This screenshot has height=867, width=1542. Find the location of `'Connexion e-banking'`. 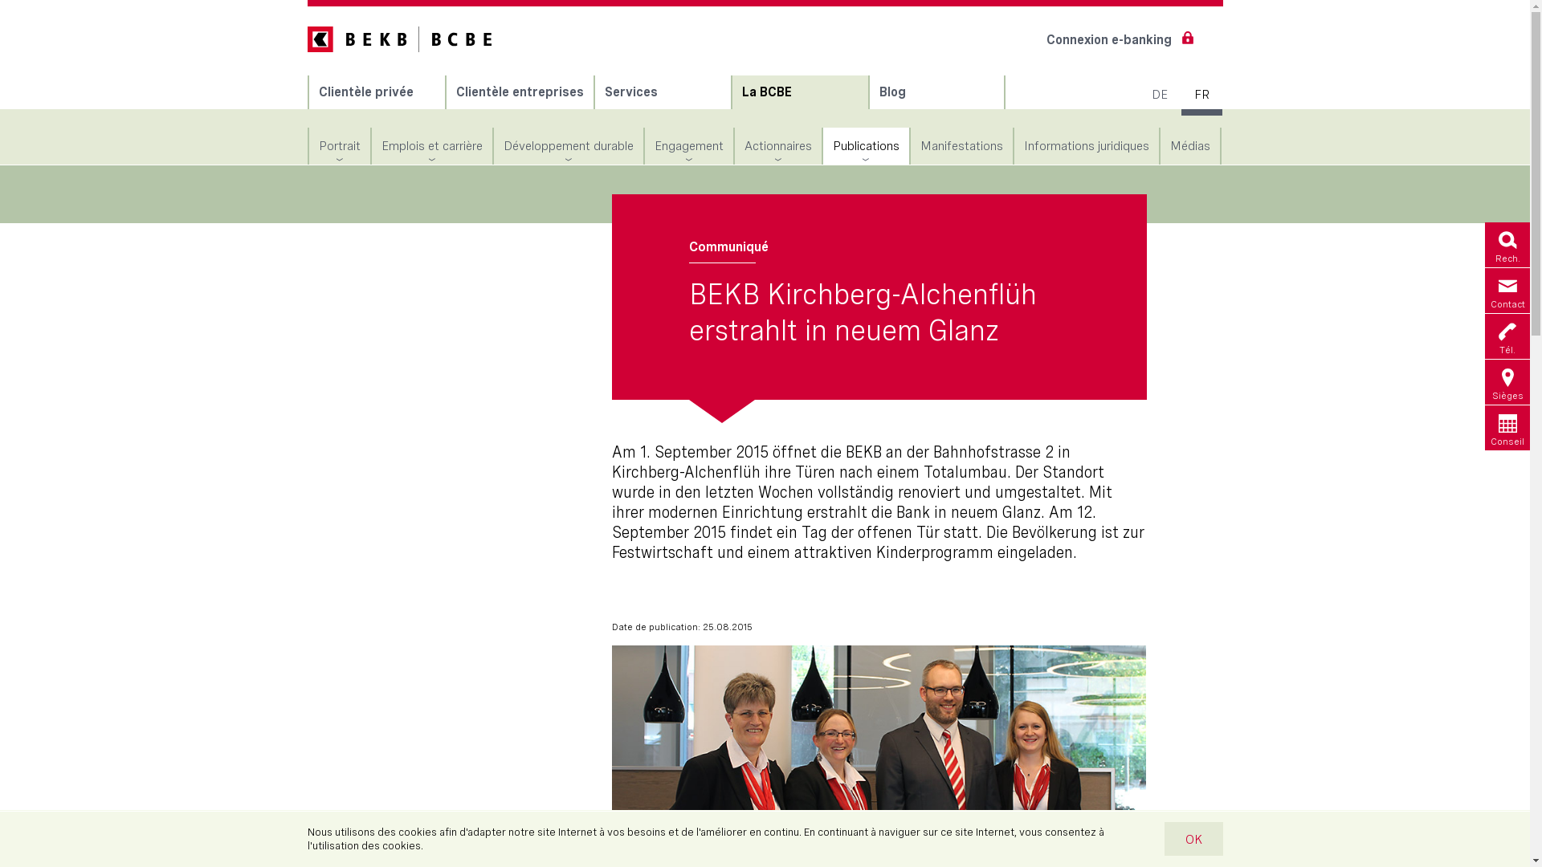

'Connexion e-banking' is located at coordinates (1116, 39).